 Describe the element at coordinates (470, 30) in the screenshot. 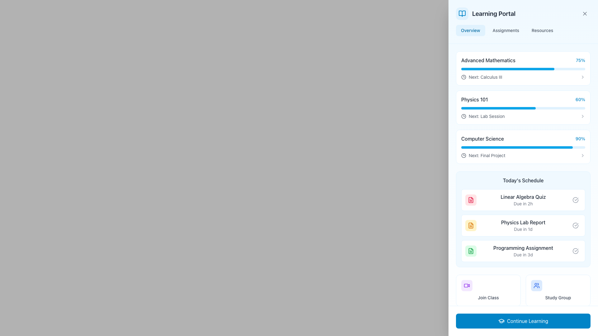

I see `the navigation button for the 'Overview' section, which is the first item in the horizontal navigation tab group at the top of the interface` at that location.